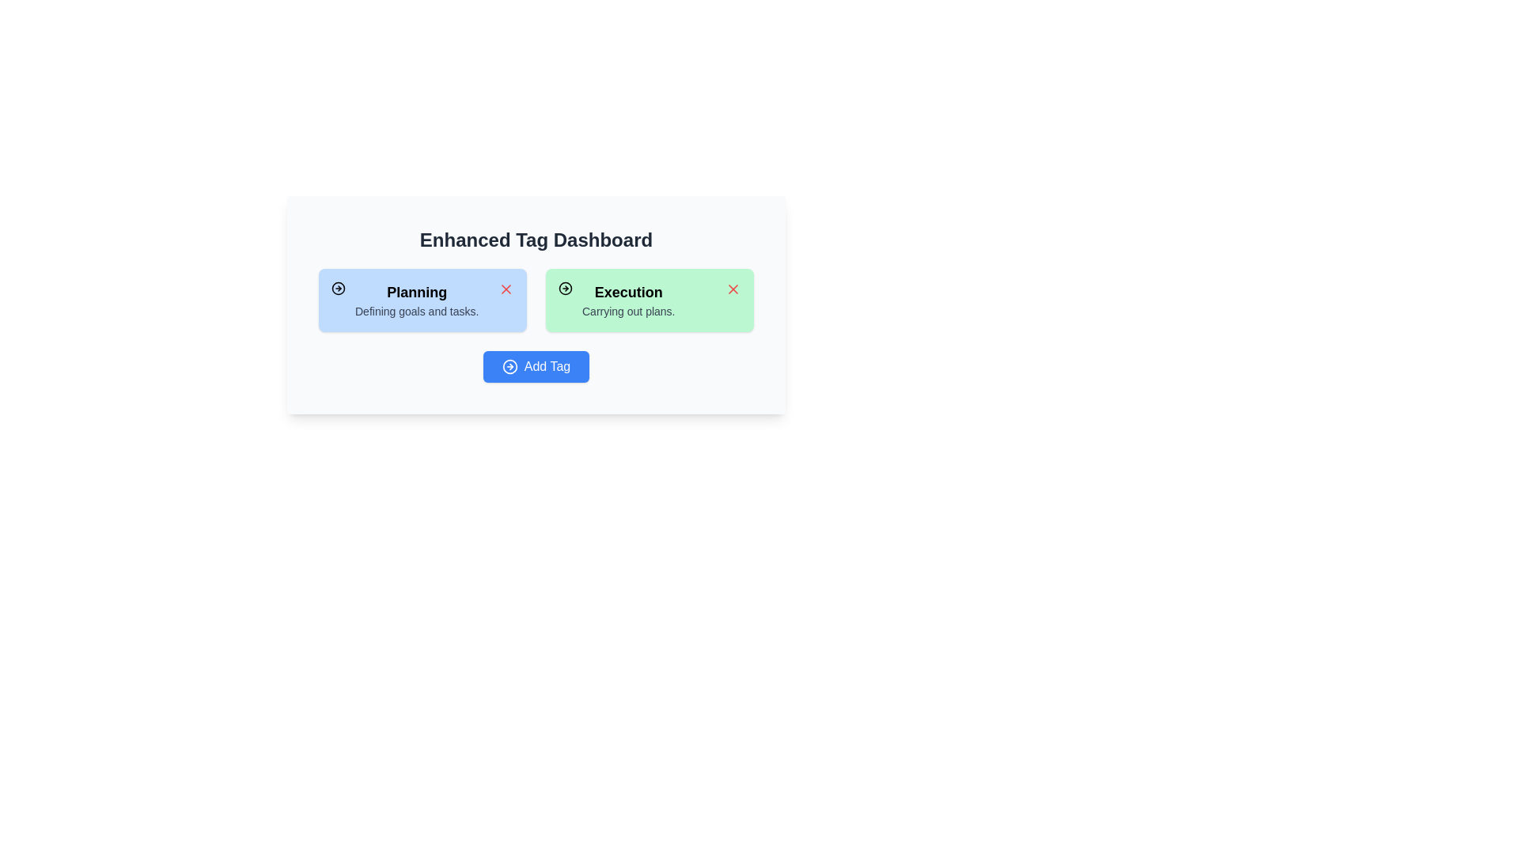  Describe the element at coordinates (337, 289) in the screenshot. I see `the interactive SVG icon located to the left of the title text in the blue tag labeled 'Planning'` at that location.